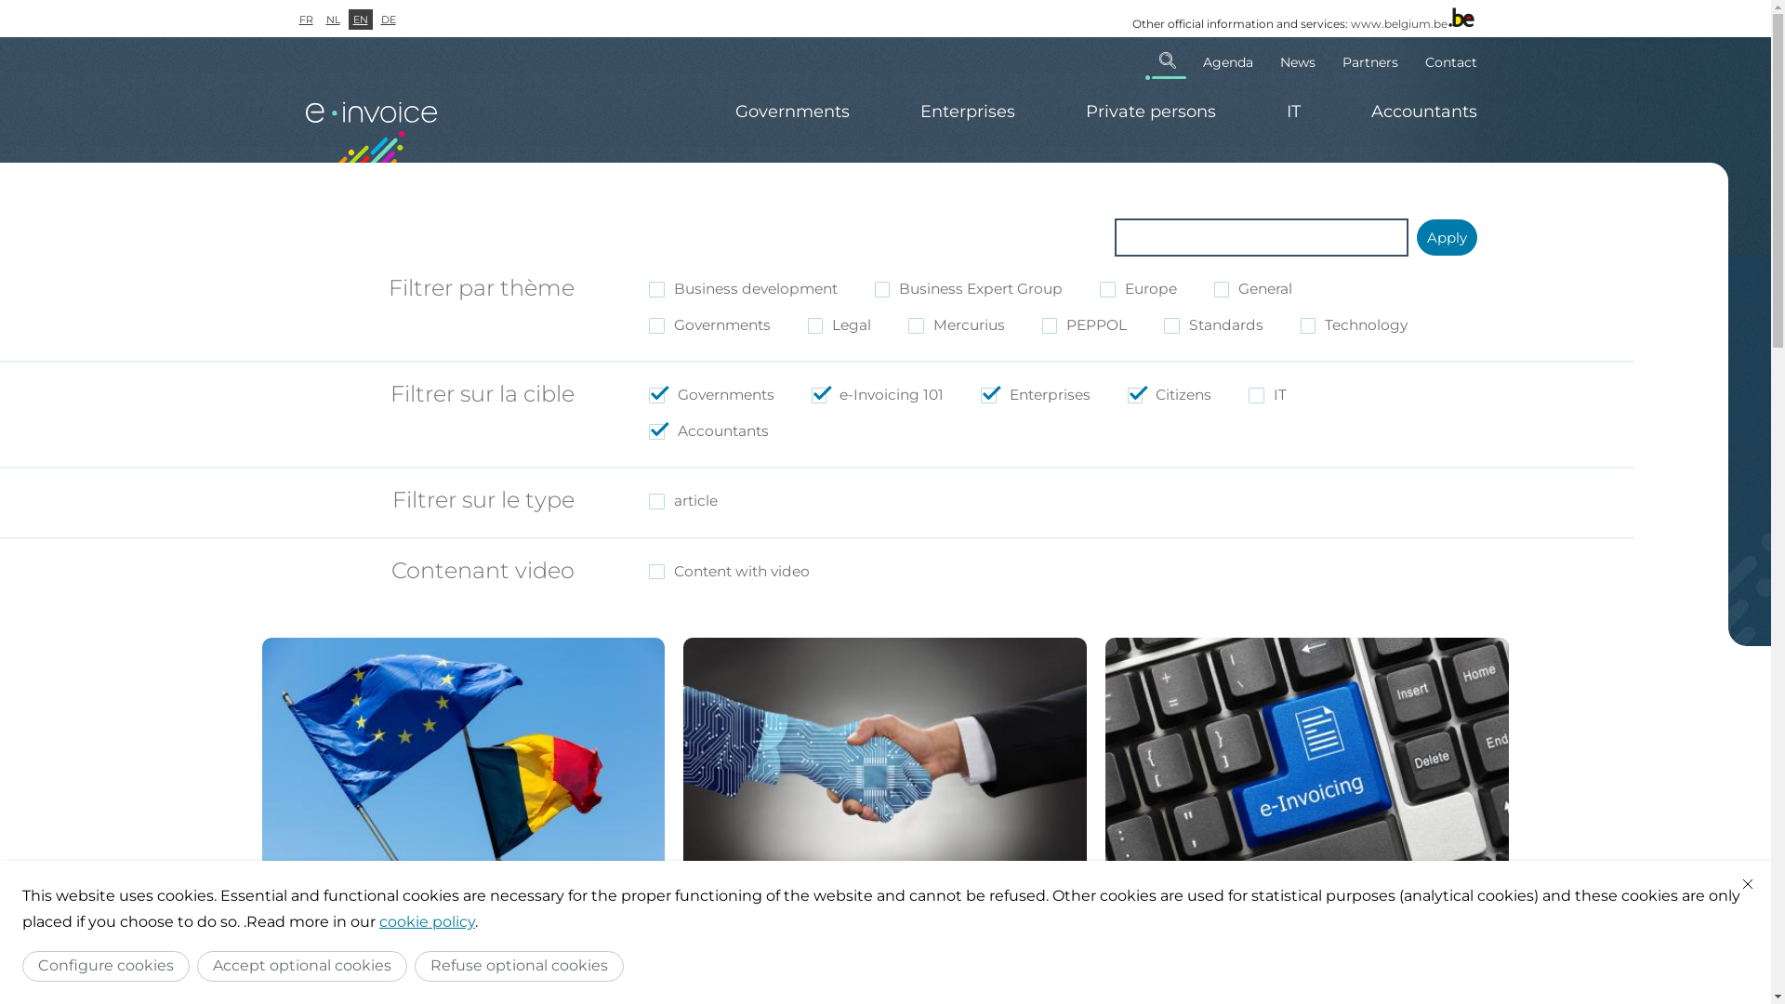 This screenshot has width=1785, height=1004. I want to click on 'NL', so click(333, 19).